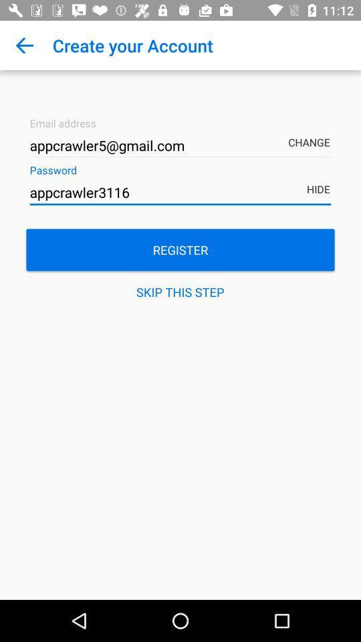 The width and height of the screenshot is (361, 642). I want to click on item below appcrawler3116 icon, so click(180, 249).